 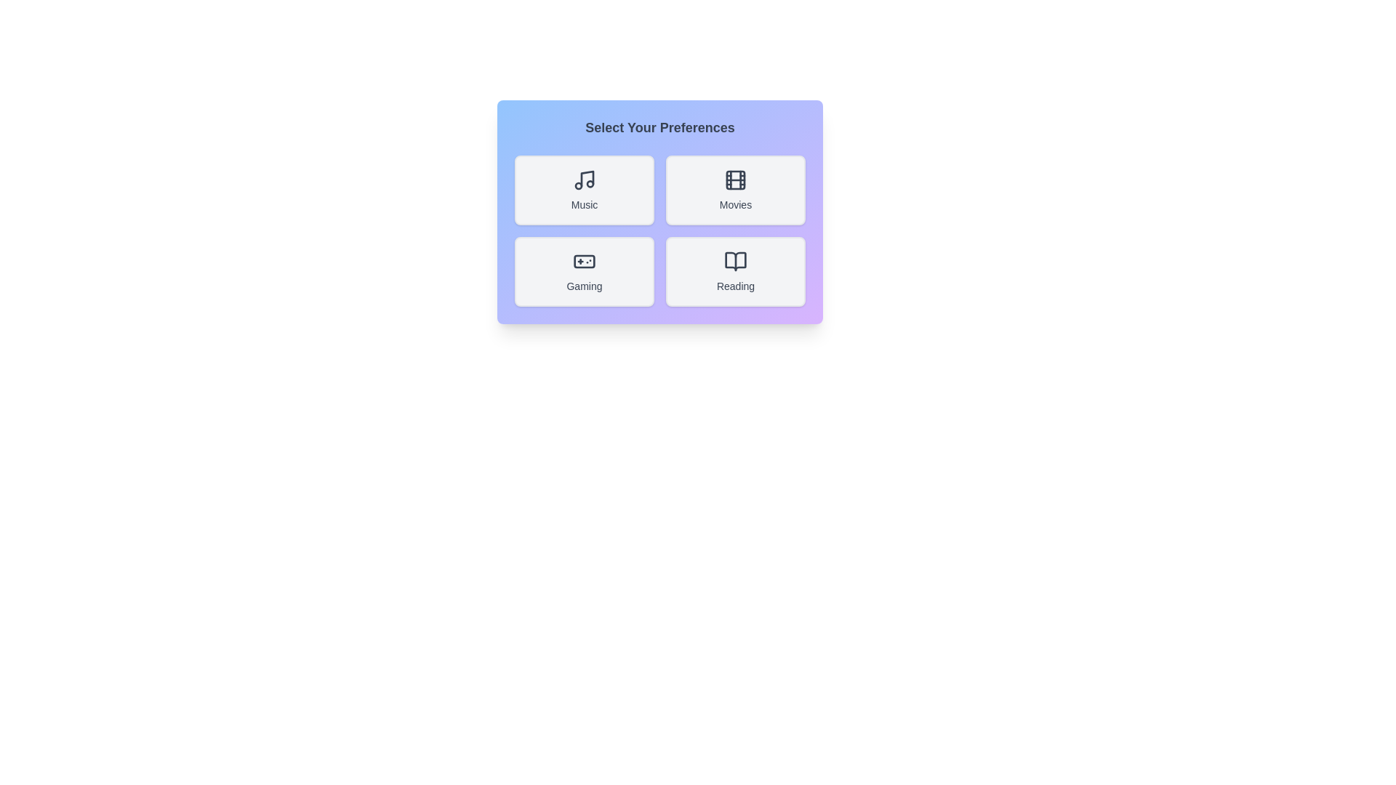 What do you see at coordinates (736, 190) in the screenshot?
I see `the button corresponding to the preference Movies` at bounding box center [736, 190].